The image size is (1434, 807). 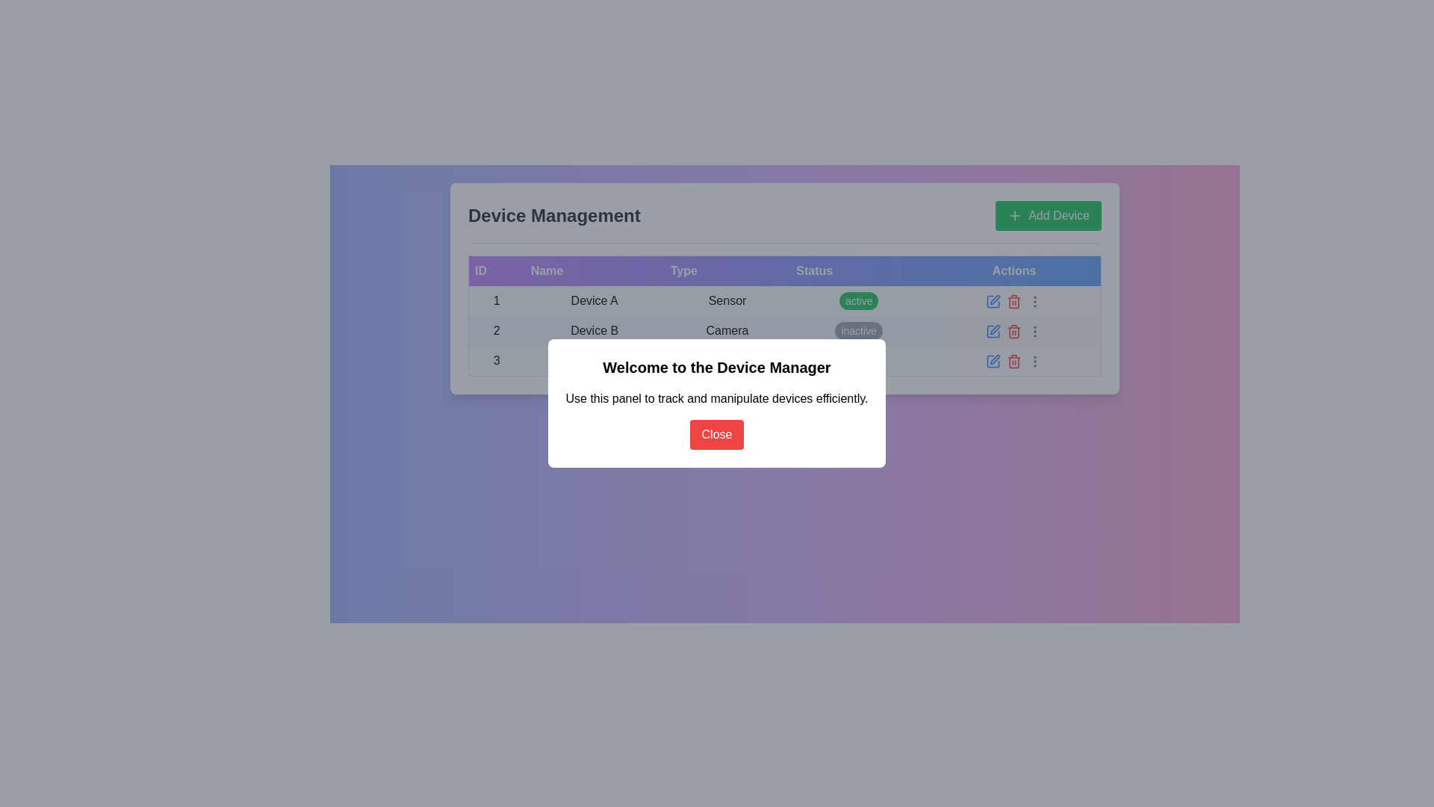 What do you see at coordinates (1014, 270) in the screenshot?
I see `the 'Actions' label in the table header, which is the fifth element in the row, indicating the corresponding column for actionable items` at bounding box center [1014, 270].